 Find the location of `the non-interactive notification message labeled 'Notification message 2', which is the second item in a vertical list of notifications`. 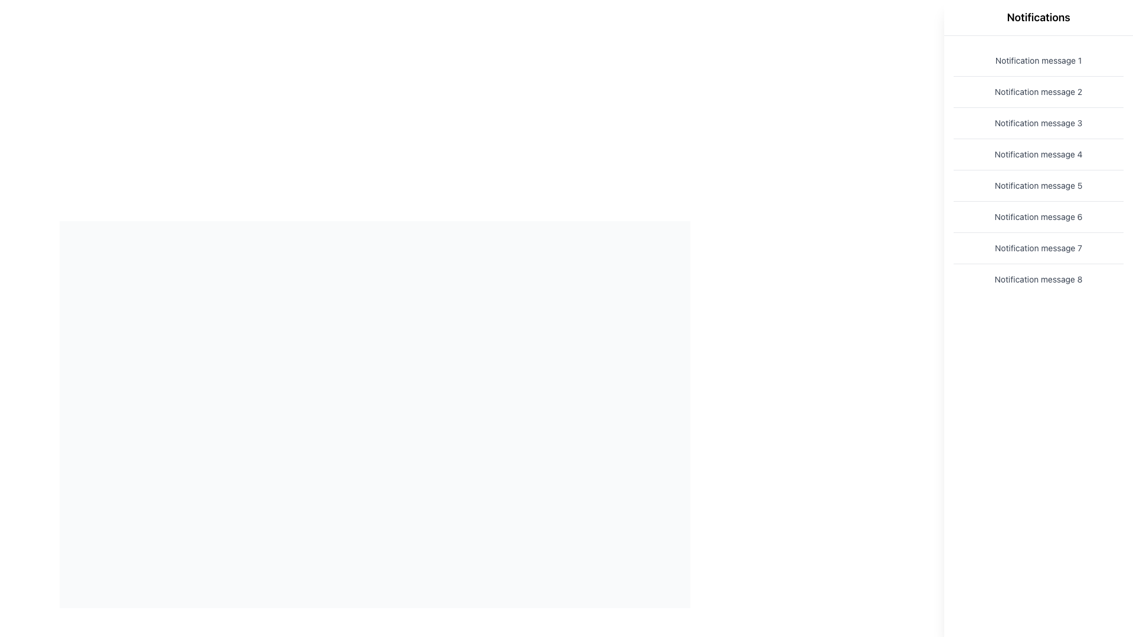

the non-interactive notification message labeled 'Notification message 2', which is the second item in a vertical list of notifications is located at coordinates (1039, 91).